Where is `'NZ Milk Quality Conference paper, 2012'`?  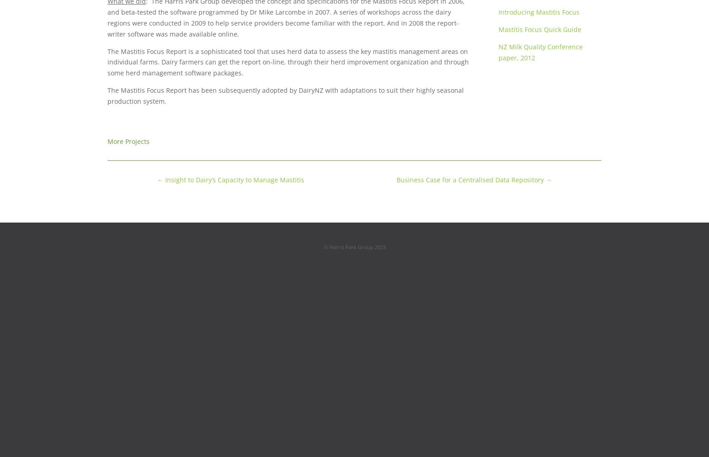 'NZ Milk Quality Conference paper, 2012' is located at coordinates (540, 51).